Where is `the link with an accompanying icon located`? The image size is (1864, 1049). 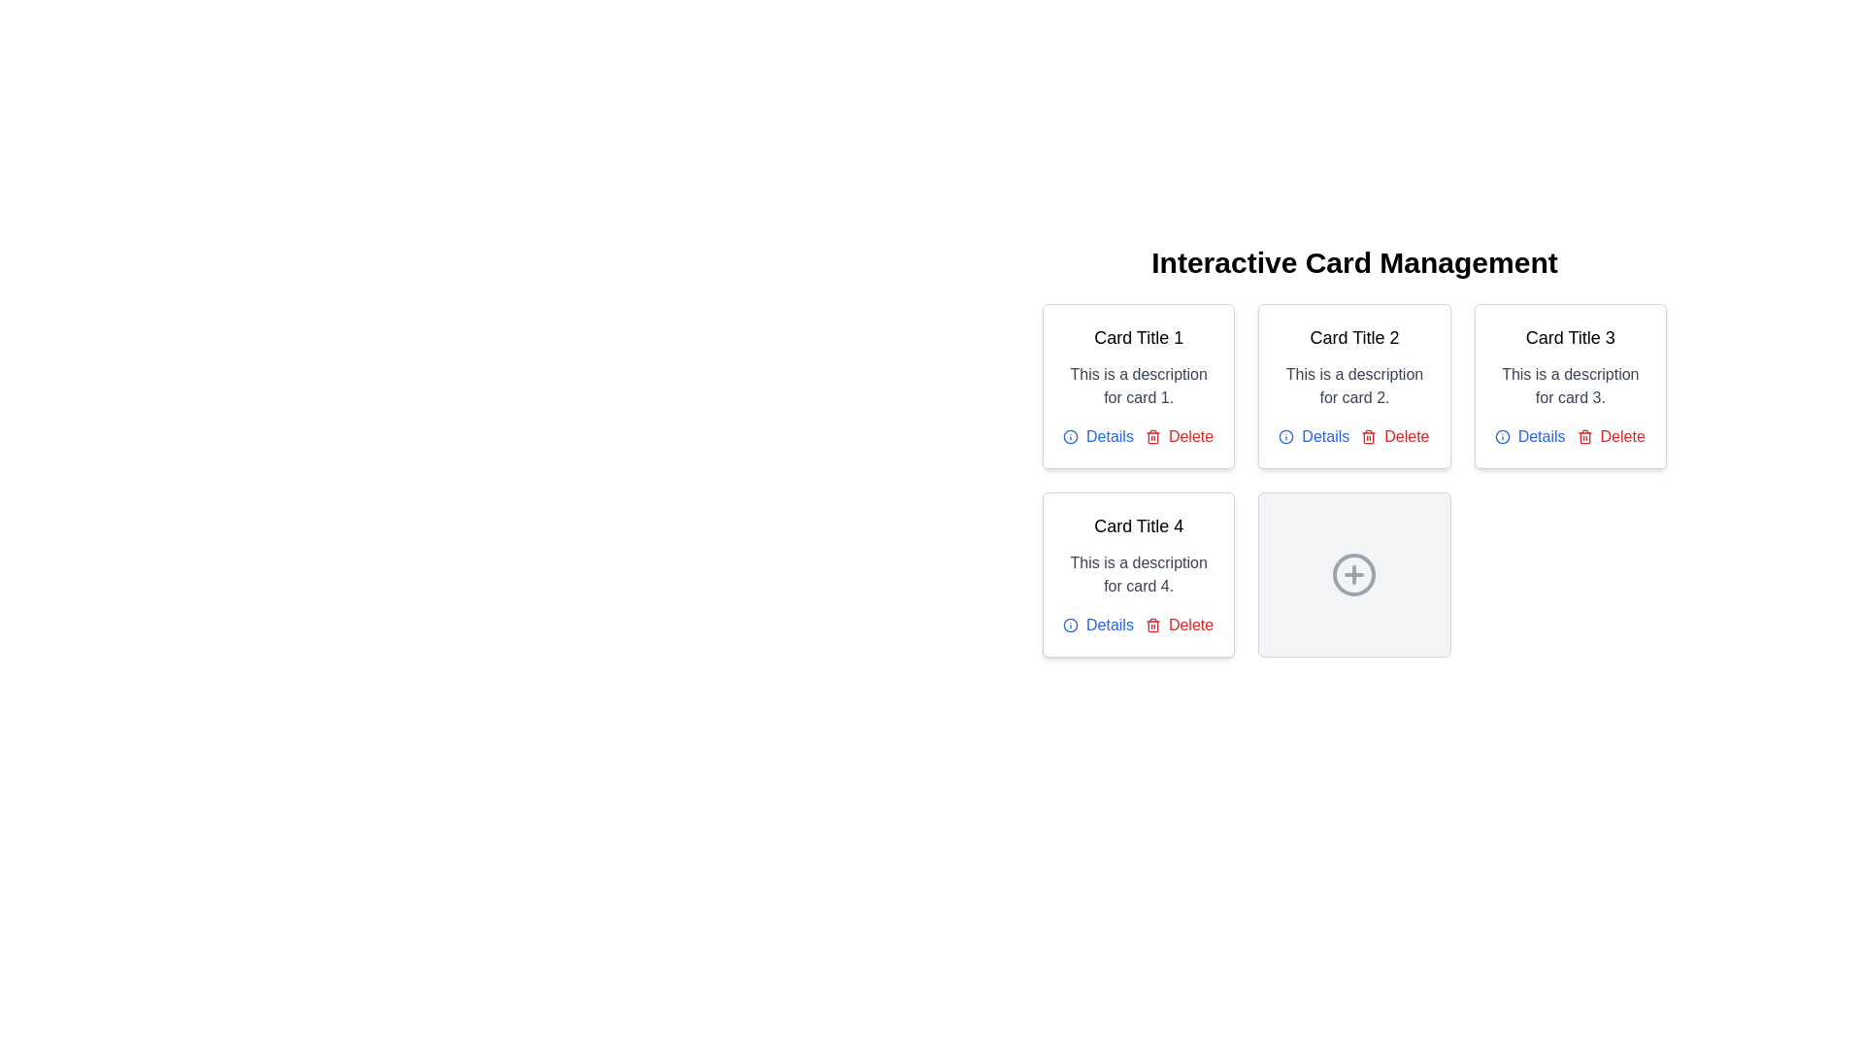 the link with an accompanying icon located is located at coordinates (1098, 437).